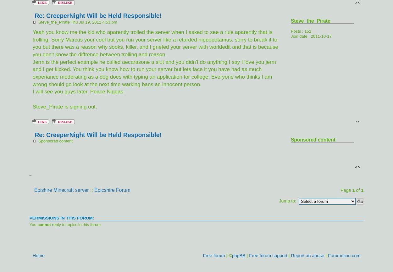  Describe the element at coordinates (344, 255) in the screenshot. I see `'Forumotion.com'` at that location.